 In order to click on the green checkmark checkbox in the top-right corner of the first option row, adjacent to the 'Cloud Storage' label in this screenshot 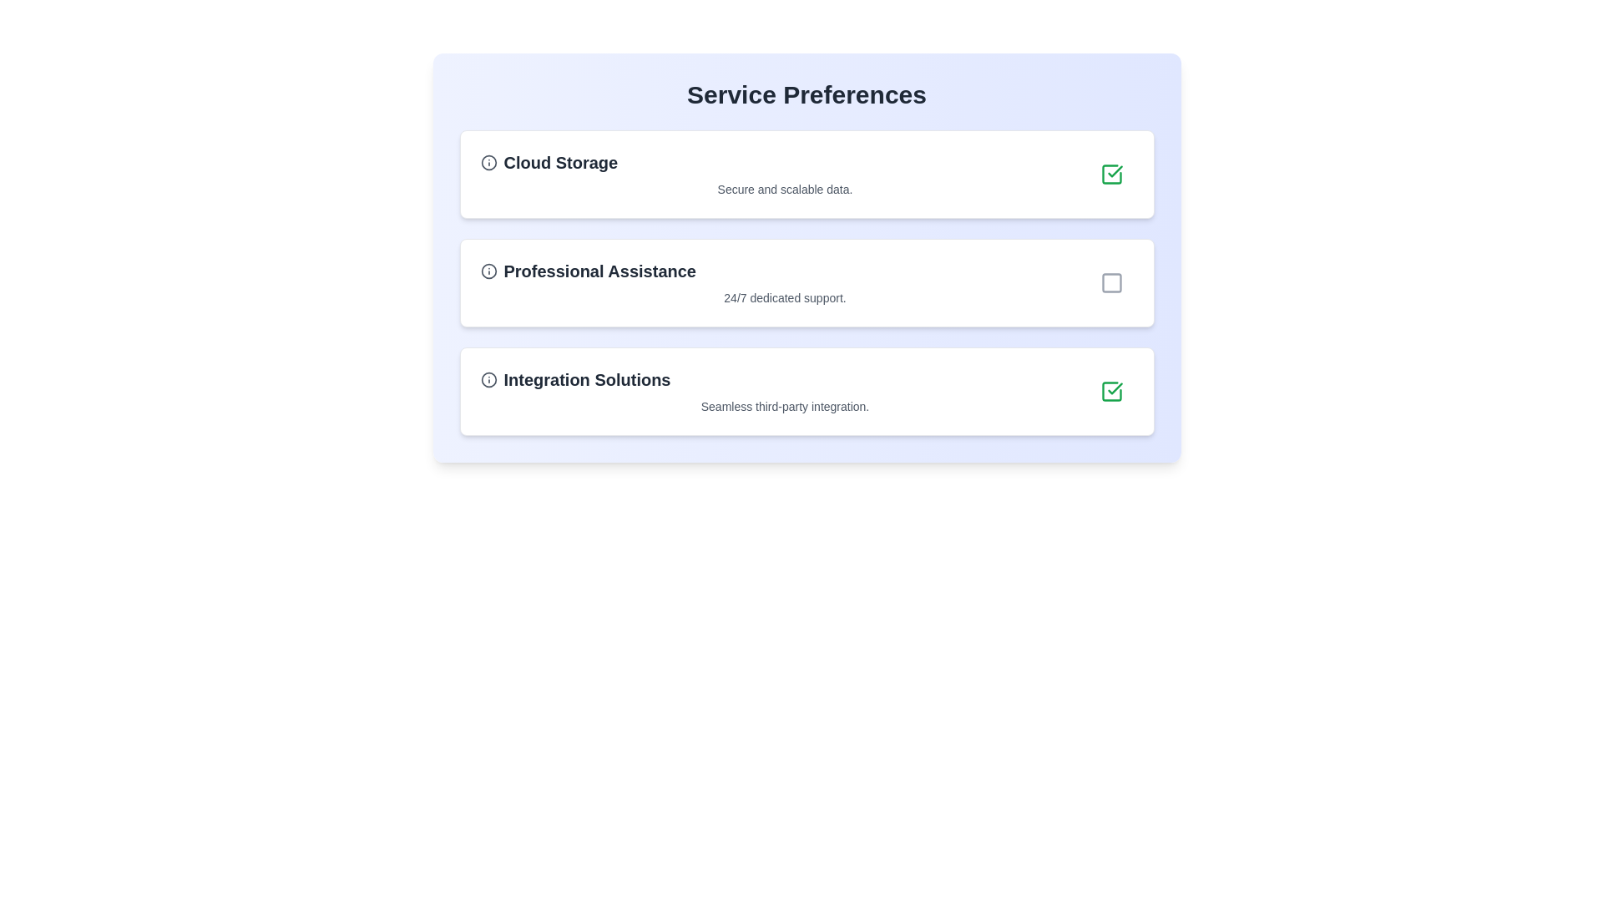, I will do `click(1111, 174)`.